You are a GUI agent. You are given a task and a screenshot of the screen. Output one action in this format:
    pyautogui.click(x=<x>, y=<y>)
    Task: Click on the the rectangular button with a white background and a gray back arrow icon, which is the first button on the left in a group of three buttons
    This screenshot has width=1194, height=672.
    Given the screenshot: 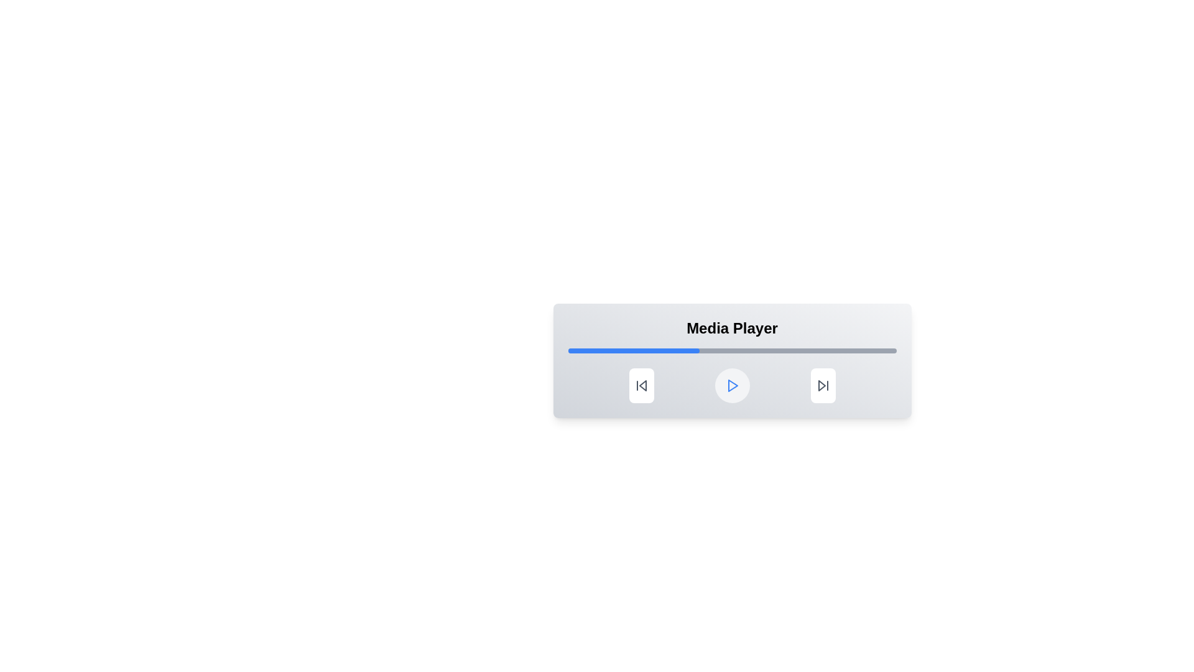 What is the action you would take?
    pyautogui.click(x=641, y=385)
    